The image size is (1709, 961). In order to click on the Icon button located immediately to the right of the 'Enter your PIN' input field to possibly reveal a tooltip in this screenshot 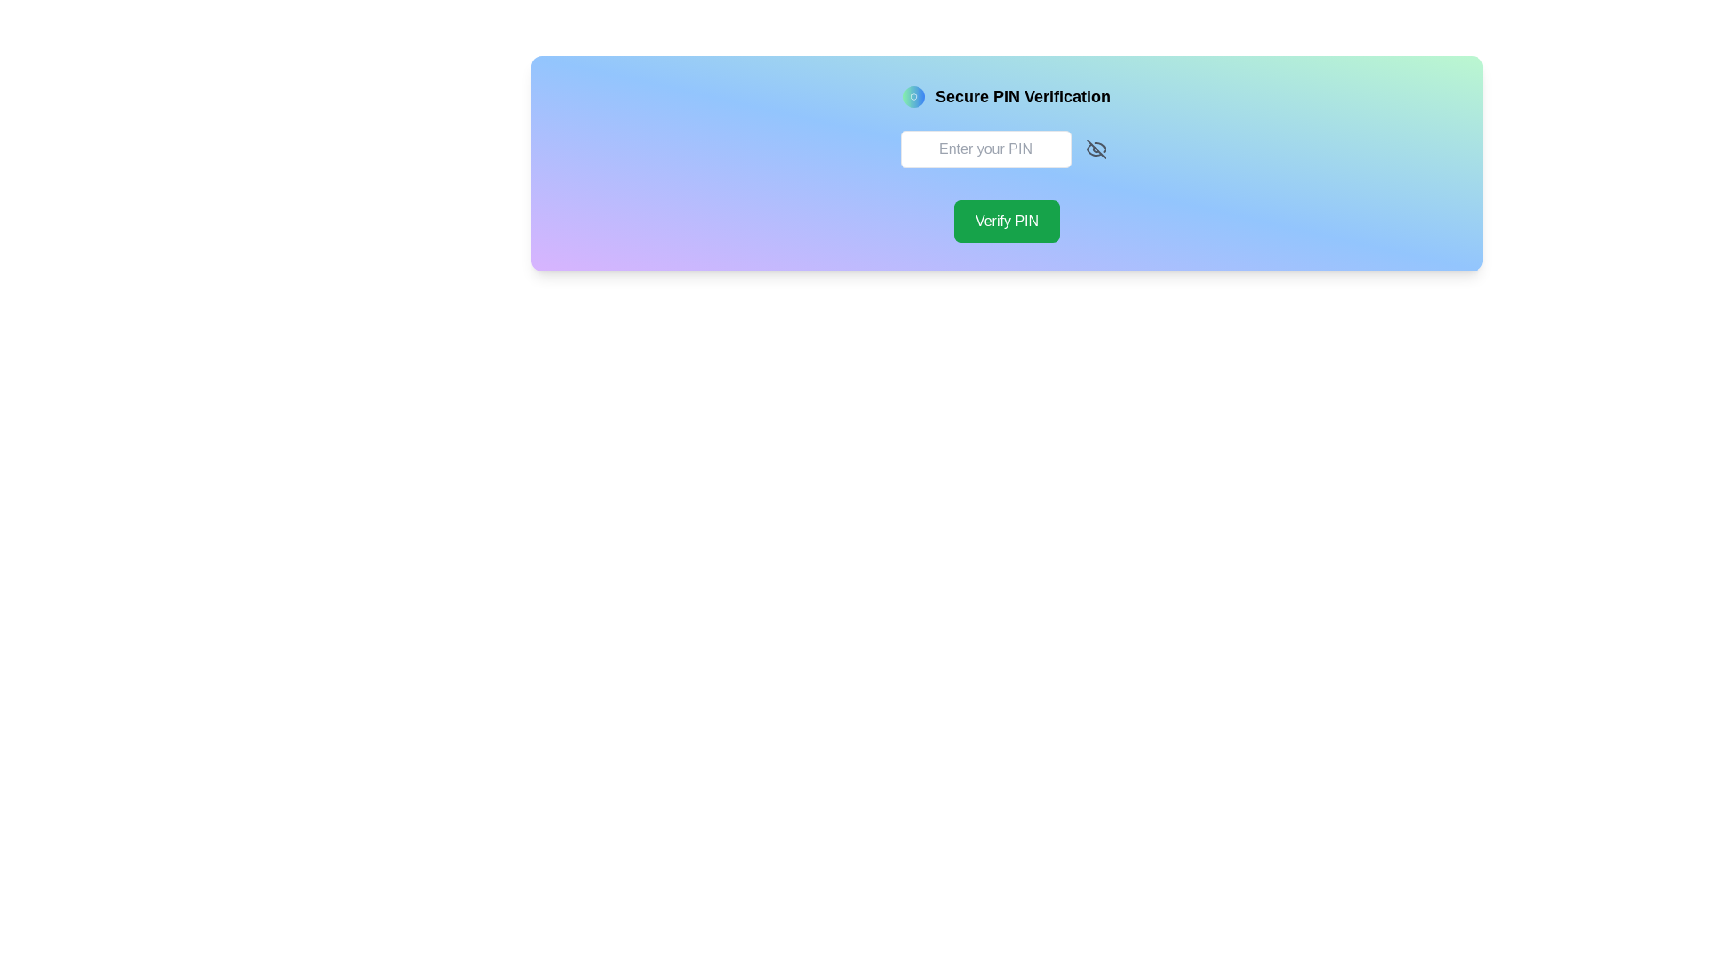, I will do `click(1095, 149)`.